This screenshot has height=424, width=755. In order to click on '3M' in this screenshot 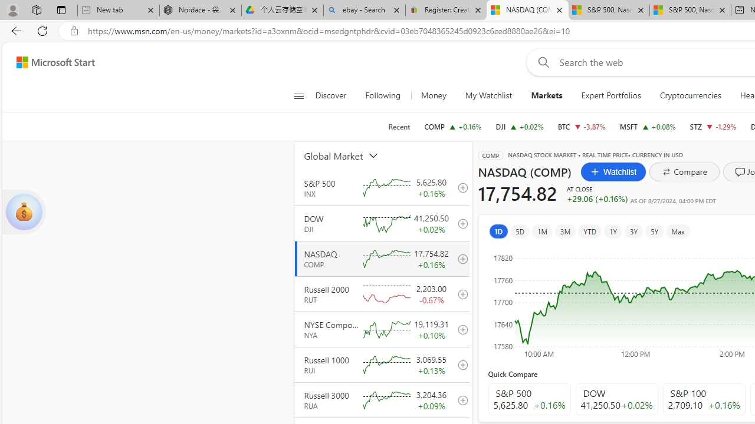, I will do `click(564, 231)`.